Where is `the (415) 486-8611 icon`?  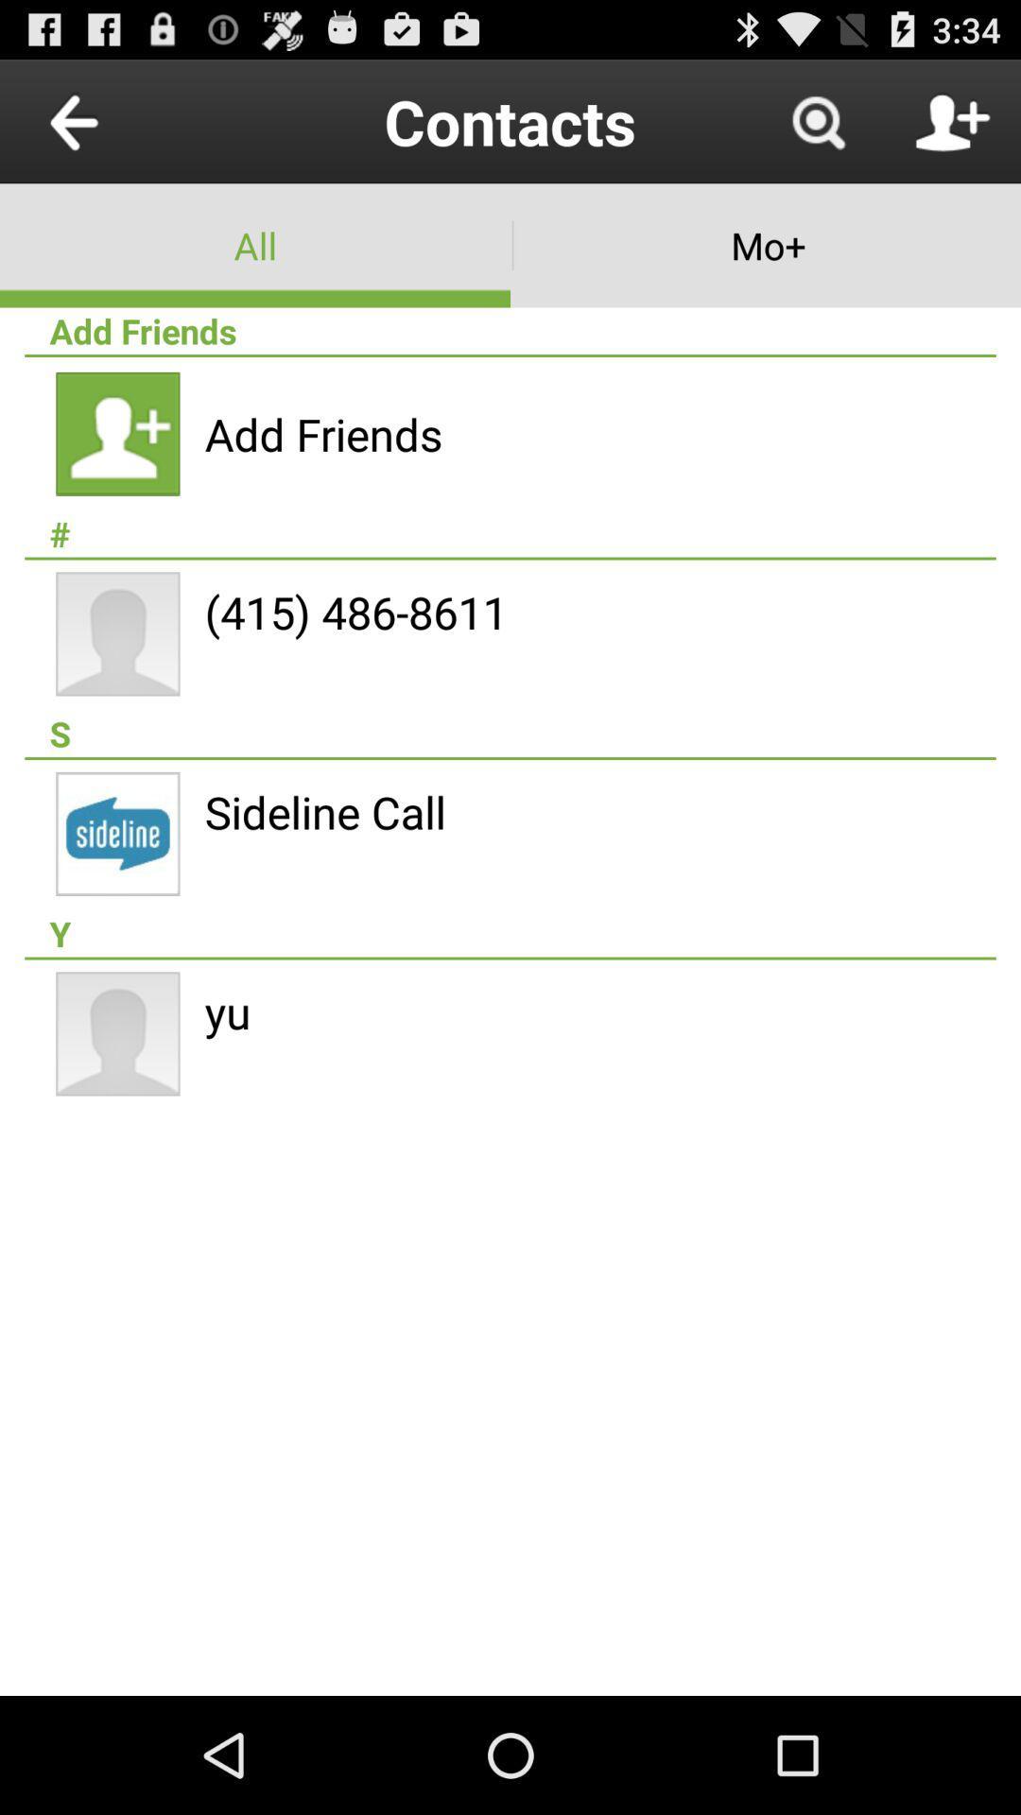
the (415) 486-8611 icon is located at coordinates (355, 612).